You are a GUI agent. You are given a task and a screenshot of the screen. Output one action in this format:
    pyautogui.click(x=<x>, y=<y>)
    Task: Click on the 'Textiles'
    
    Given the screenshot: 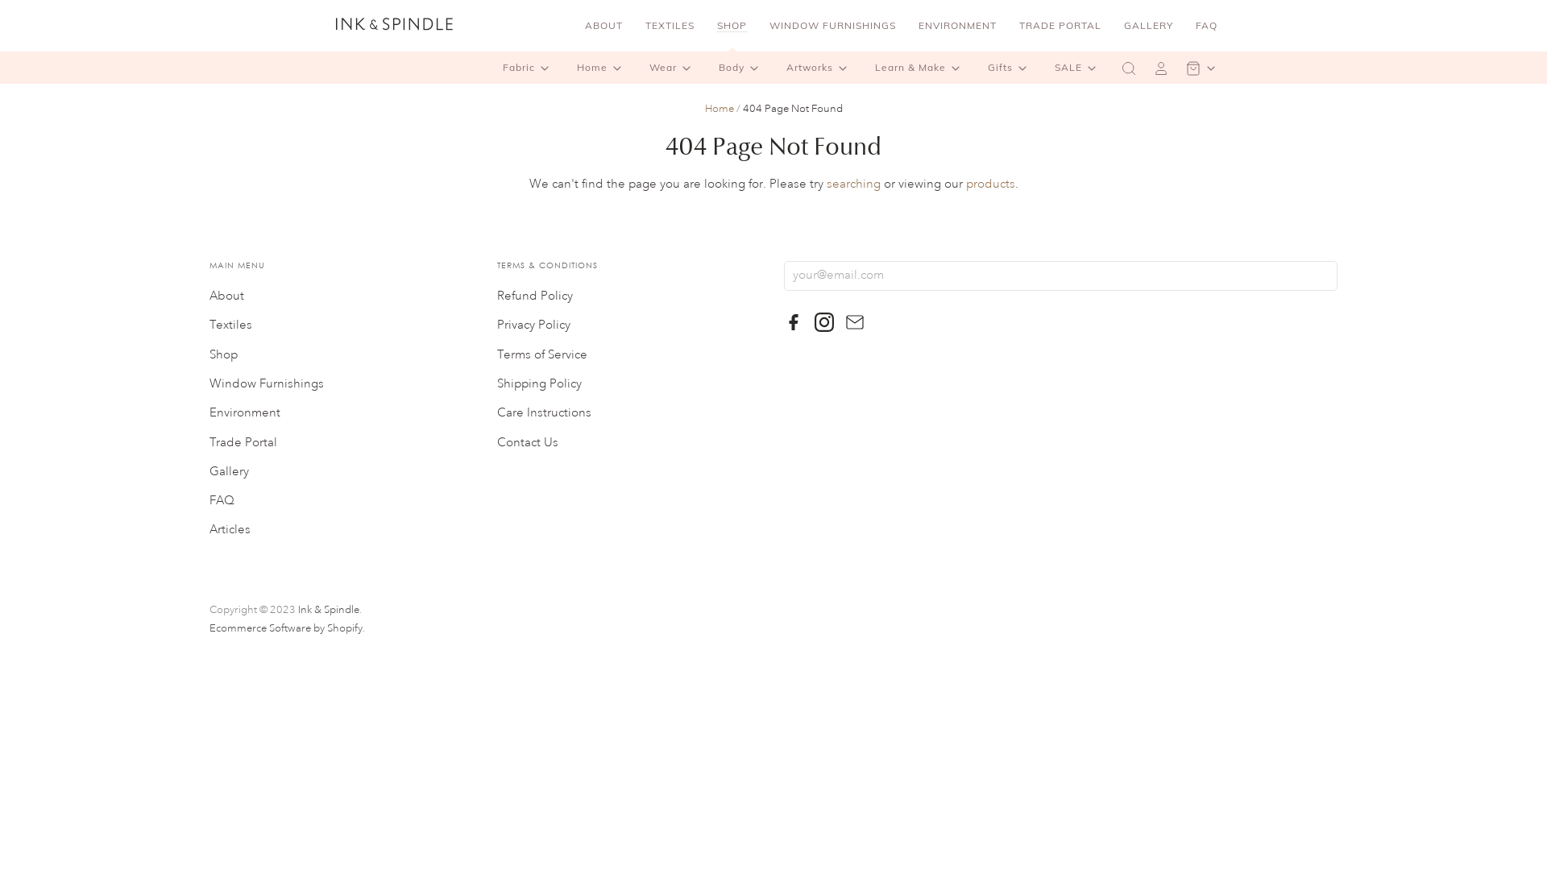 What is the action you would take?
    pyautogui.click(x=208, y=325)
    